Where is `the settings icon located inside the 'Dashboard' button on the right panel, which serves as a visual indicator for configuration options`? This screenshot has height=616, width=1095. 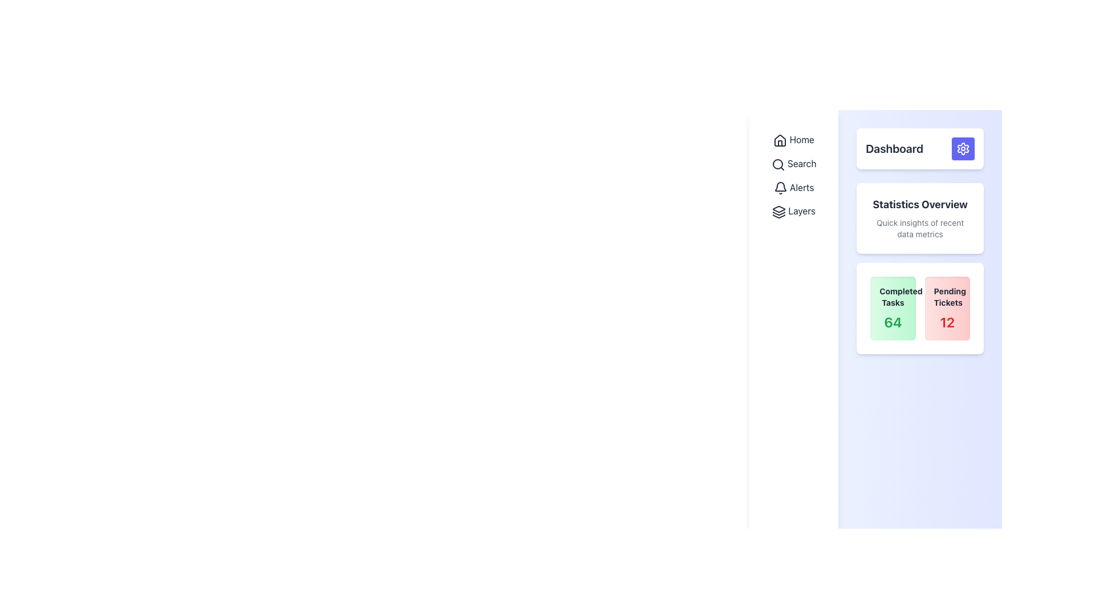
the settings icon located inside the 'Dashboard' button on the right panel, which serves as a visual indicator for configuration options is located at coordinates (963, 148).